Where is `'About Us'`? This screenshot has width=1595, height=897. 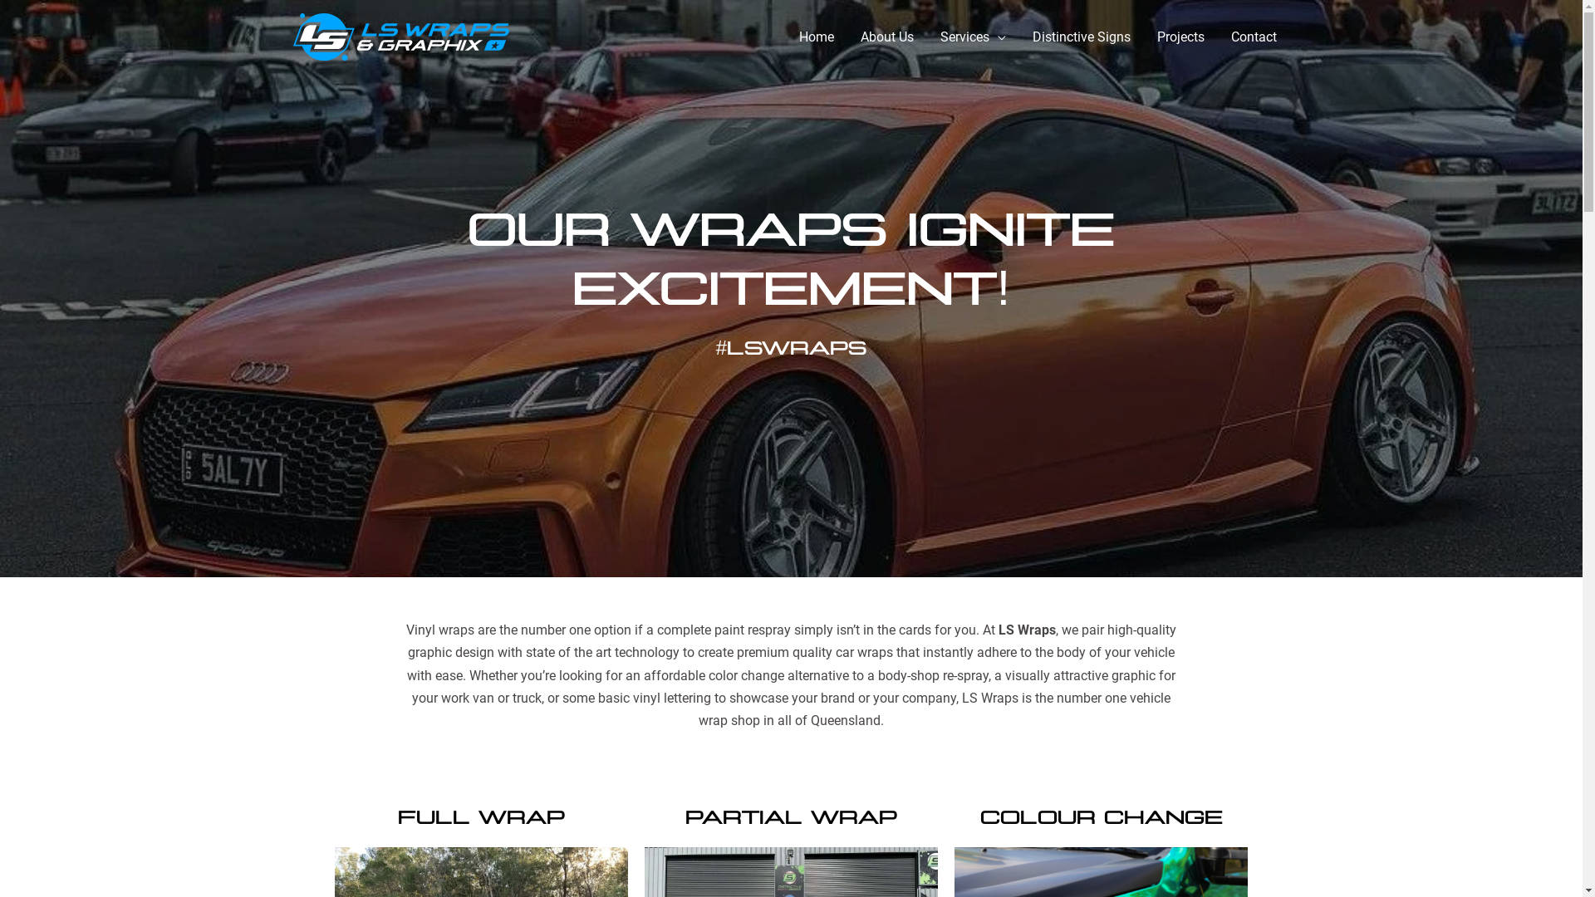
'About Us' is located at coordinates (886, 37).